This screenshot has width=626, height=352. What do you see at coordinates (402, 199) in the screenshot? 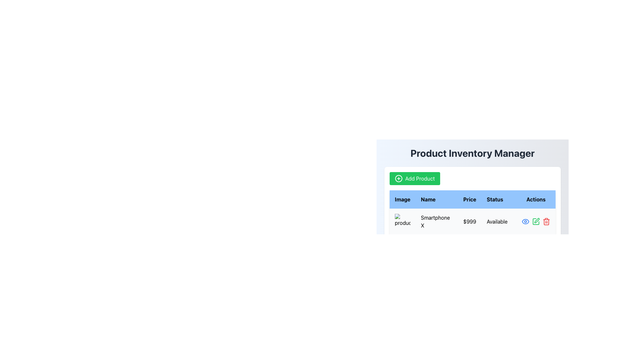
I see `the text element labeled 'Image', which is the first header in a data table with a light blue background and left alignment` at bounding box center [402, 199].